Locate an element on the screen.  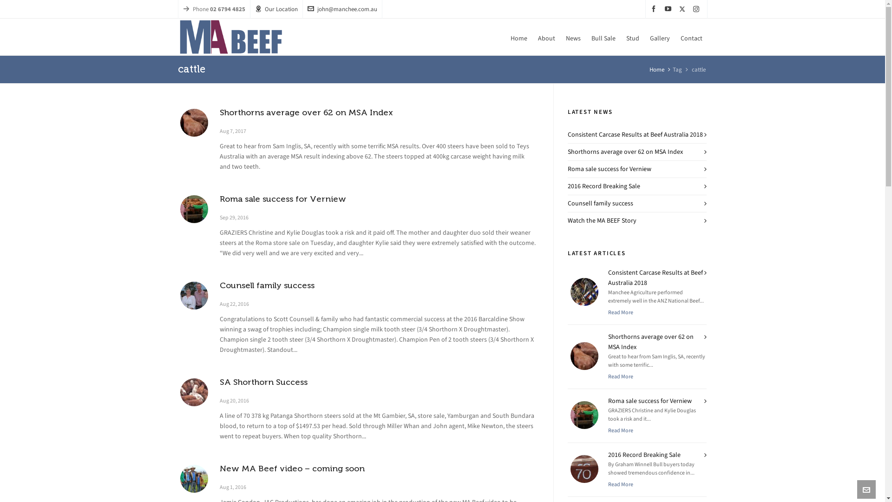
'Read More' is located at coordinates (608, 312).